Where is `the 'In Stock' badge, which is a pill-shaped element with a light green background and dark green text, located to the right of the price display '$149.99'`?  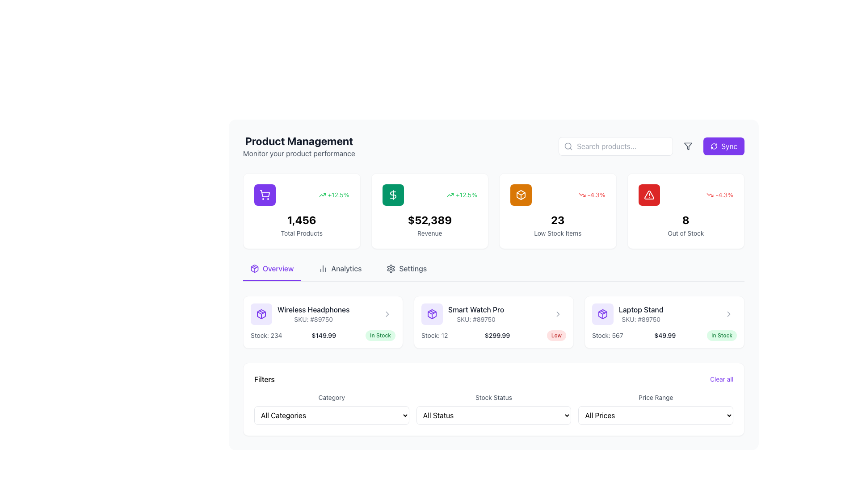
the 'In Stock' badge, which is a pill-shaped element with a light green background and dark green text, located to the right of the price display '$149.99' is located at coordinates (380, 336).